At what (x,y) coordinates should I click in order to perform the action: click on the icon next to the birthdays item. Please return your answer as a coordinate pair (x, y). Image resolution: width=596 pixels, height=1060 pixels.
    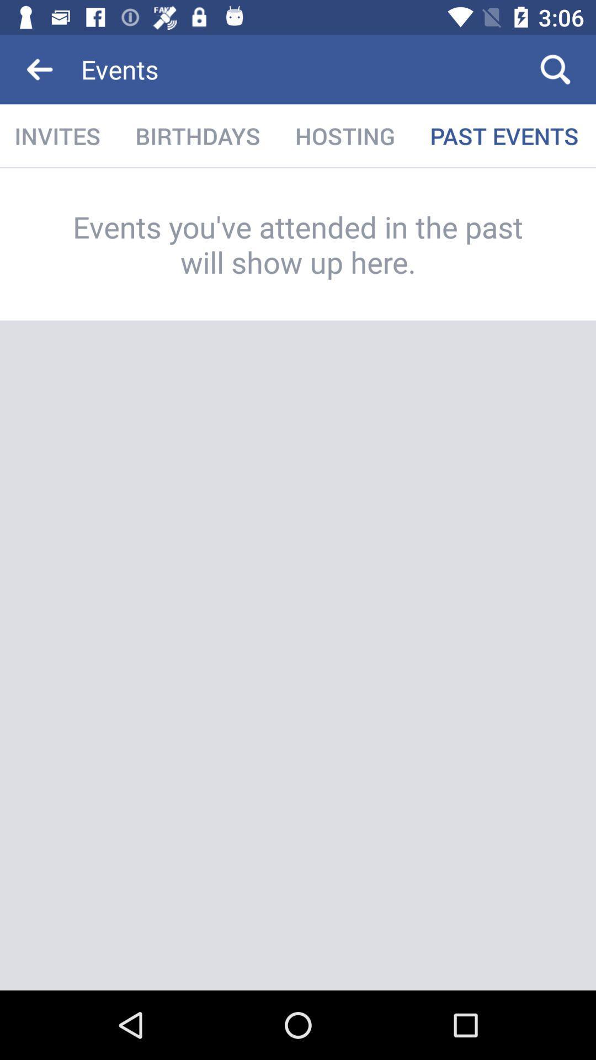
    Looking at the image, I should click on (58, 135).